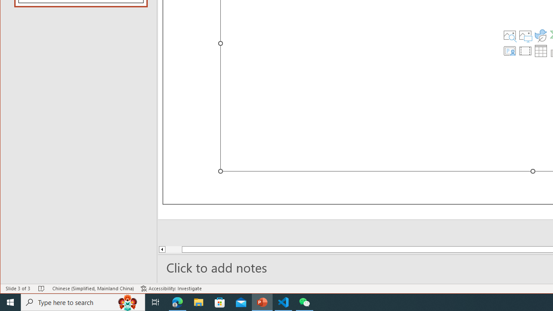  I want to click on 'Visual Studio Code - 1 running window', so click(283, 301).